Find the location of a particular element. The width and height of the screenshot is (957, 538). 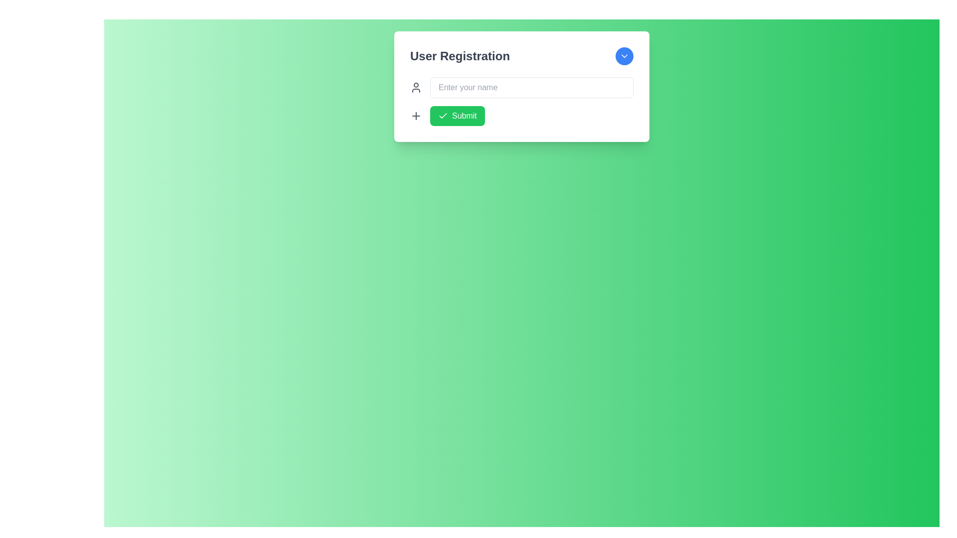

the icon inside the dropdown button located at the top-right corner of the user registration card is located at coordinates (624, 56).